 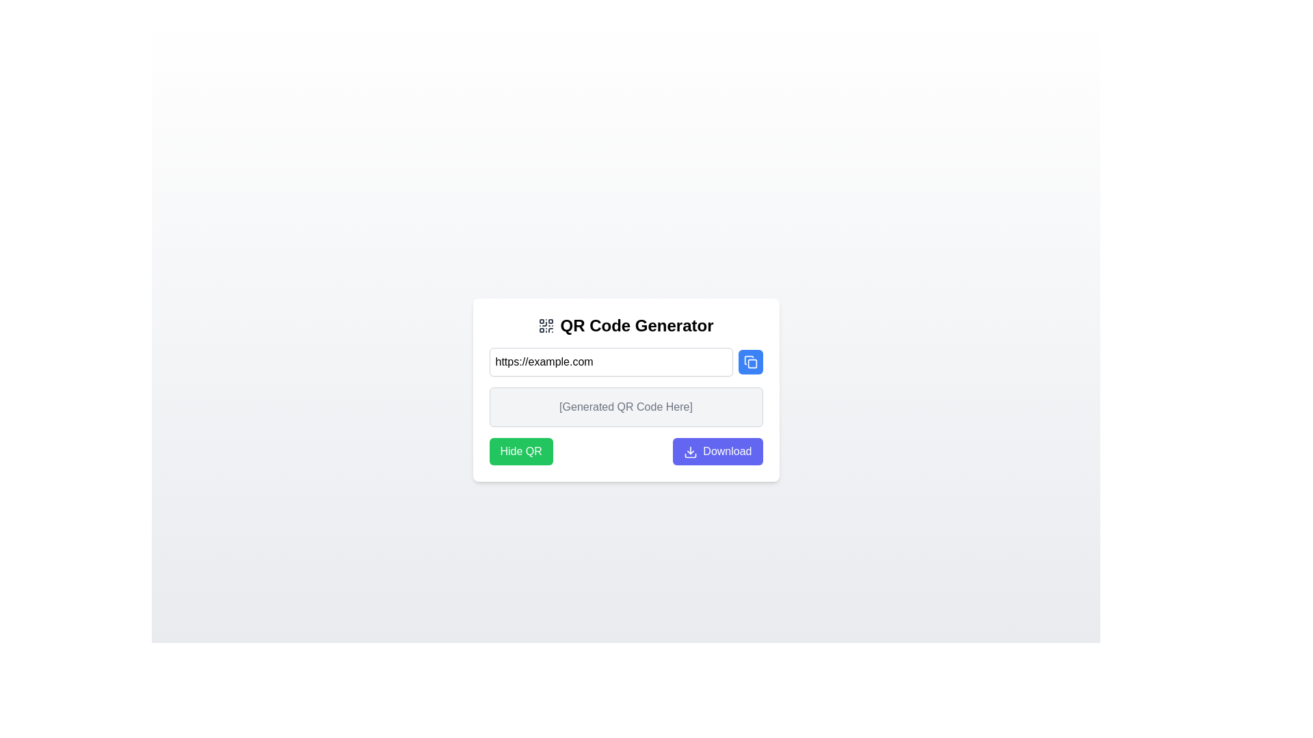 I want to click on the button labeled 'Download' which contains the download icon to initiate the download action, so click(x=691, y=452).